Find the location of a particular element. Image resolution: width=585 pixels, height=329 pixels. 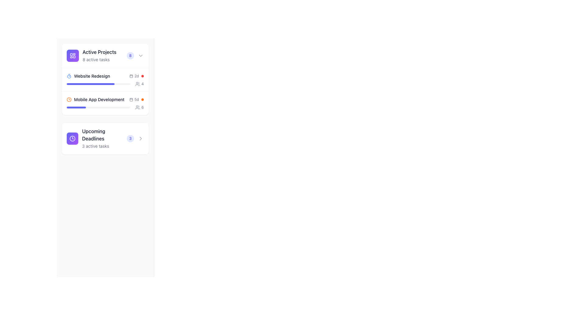

the timer details associated with the 'Website Redesign' project by clicking on the timer icon located to the left of the title text in the 'Website Redesign' section is located at coordinates (69, 76).